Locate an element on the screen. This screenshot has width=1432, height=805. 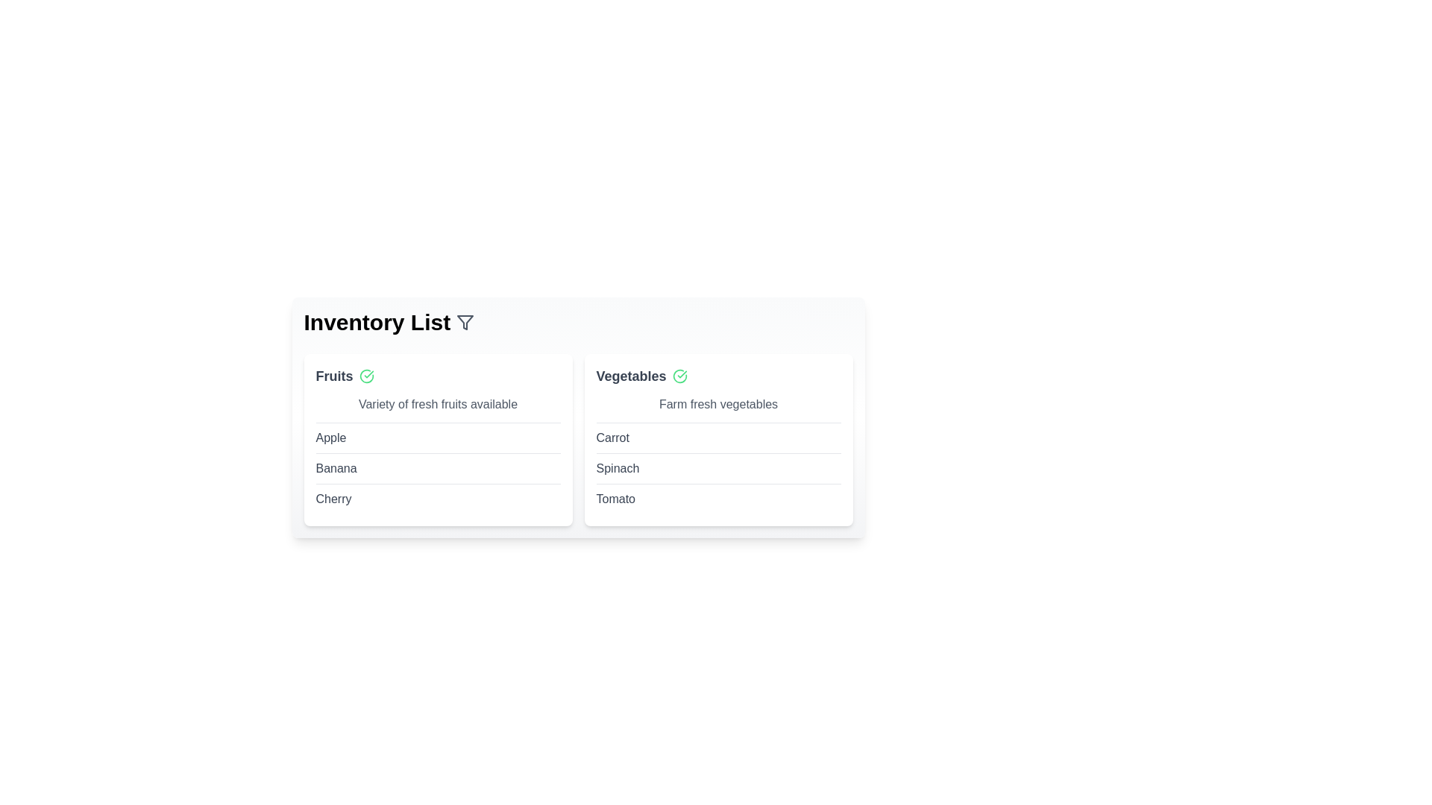
the item Apple to check for context menu options is located at coordinates (330, 437).